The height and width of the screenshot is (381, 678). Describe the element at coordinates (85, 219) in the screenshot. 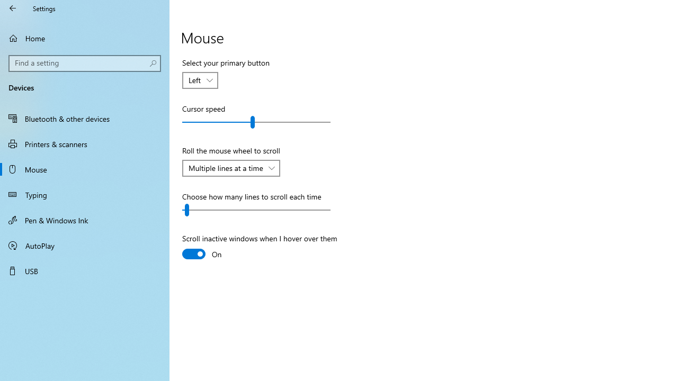

I see `'Pen & Windows Ink'` at that location.